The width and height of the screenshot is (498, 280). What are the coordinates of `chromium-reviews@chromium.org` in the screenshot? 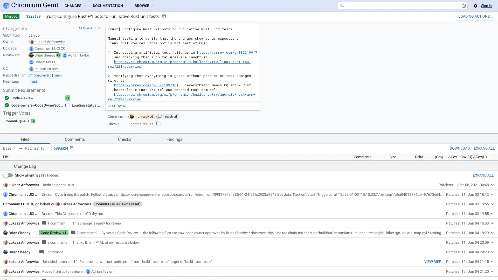 It's located at (47, 68).